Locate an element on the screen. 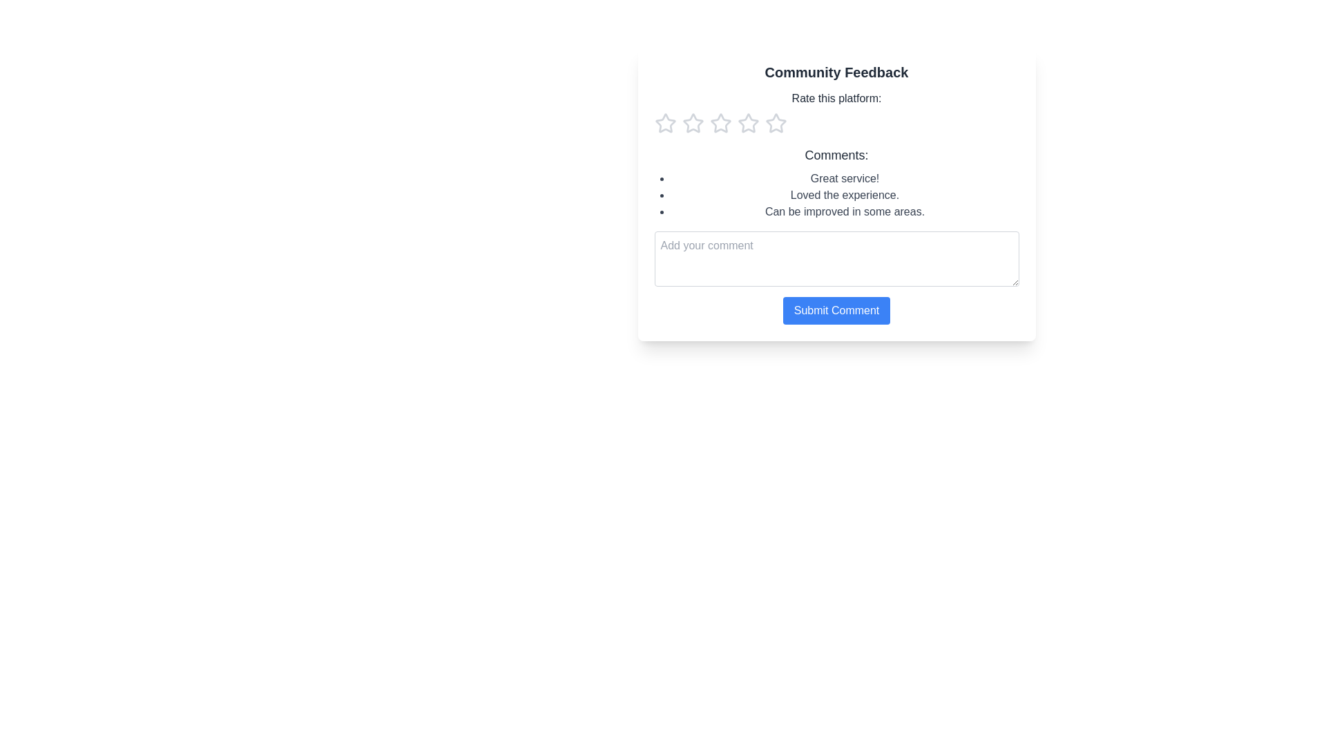 This screenshot has width=1326, height=746. text of the first comment in the bulleted list located below the heading 'Comments:' in the 'Community Feedback' section is located at coordinates (844, 178).